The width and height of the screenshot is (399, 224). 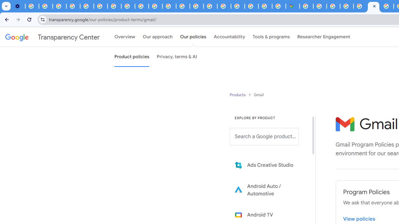 What do you see at coordinates (229, 37) in the screenshot?
I see `'Accountability'` at bounding box center [229, 37].